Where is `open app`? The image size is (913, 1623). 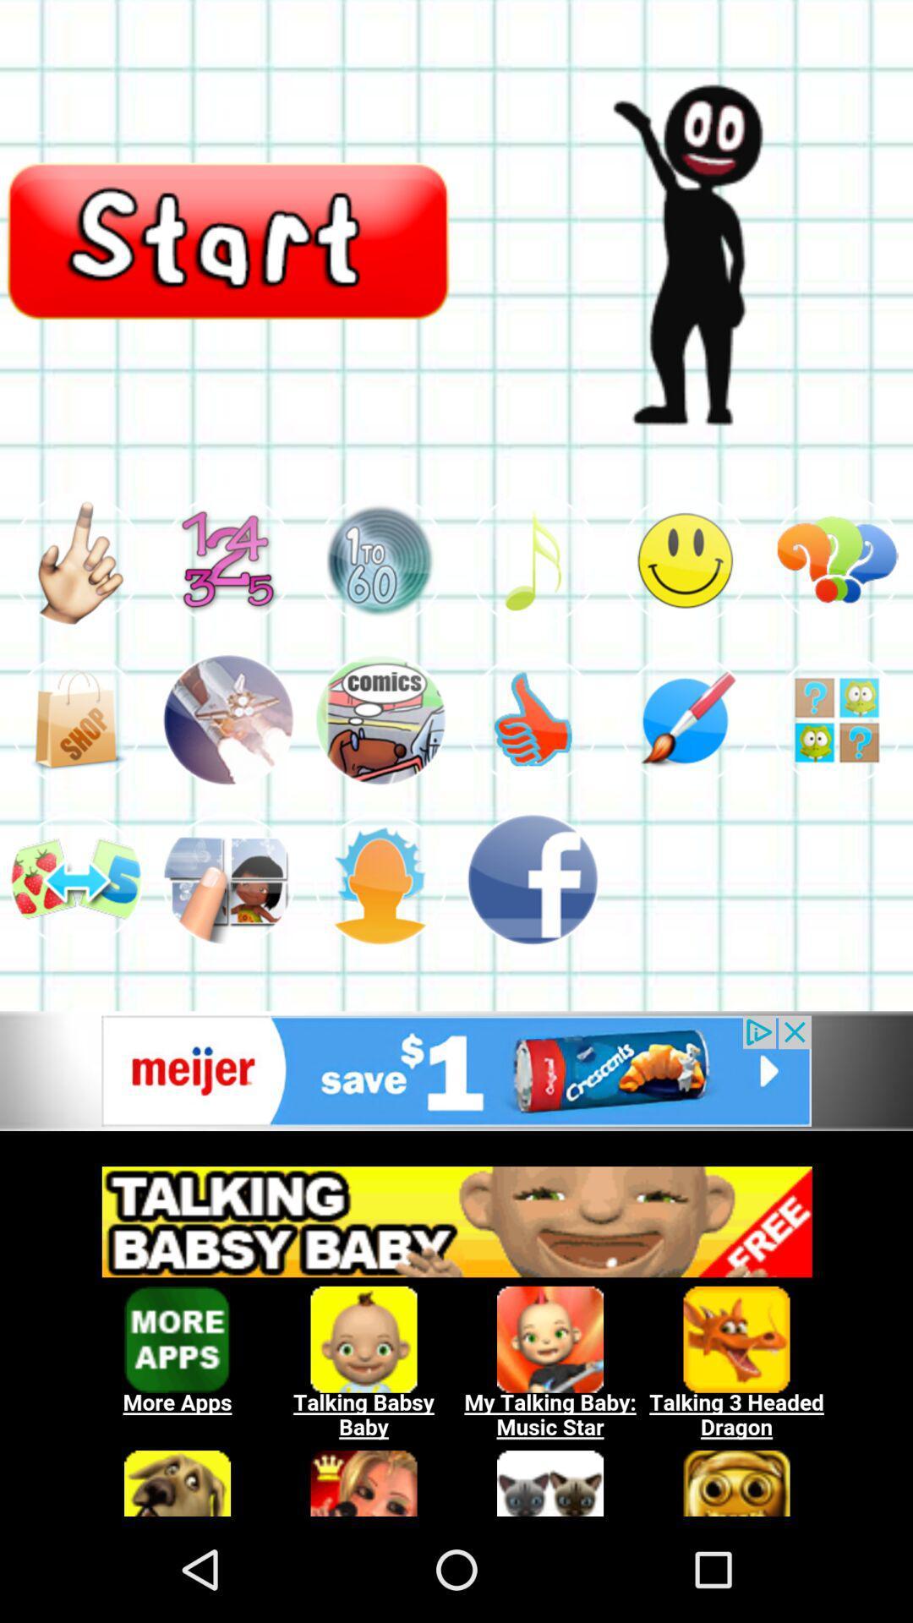
open app is located at coordinates (228, 719).